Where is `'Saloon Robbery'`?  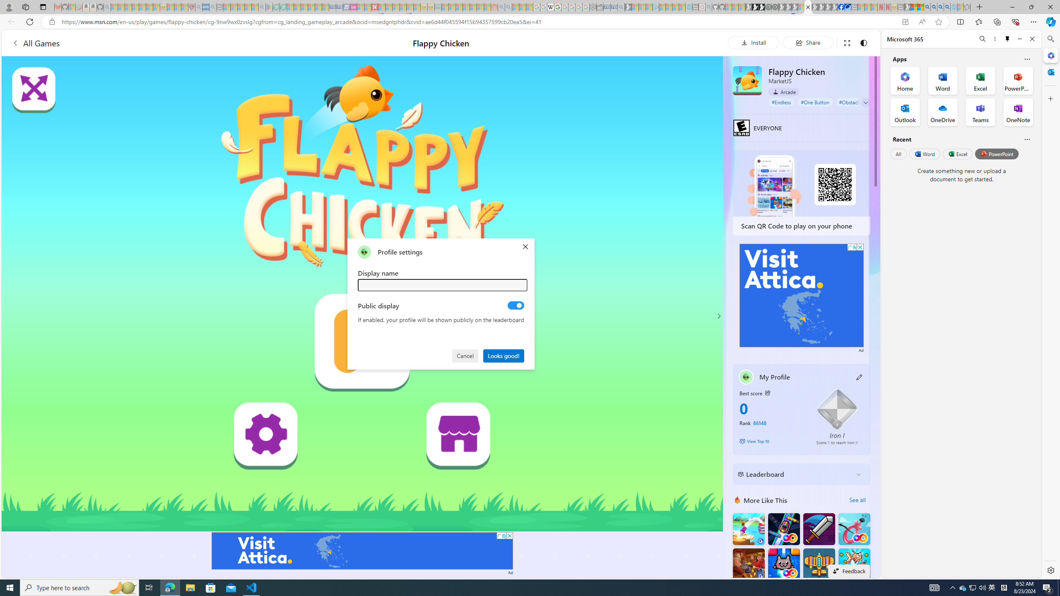 'Saloon Robbery' is located at coordinates (748, 564).